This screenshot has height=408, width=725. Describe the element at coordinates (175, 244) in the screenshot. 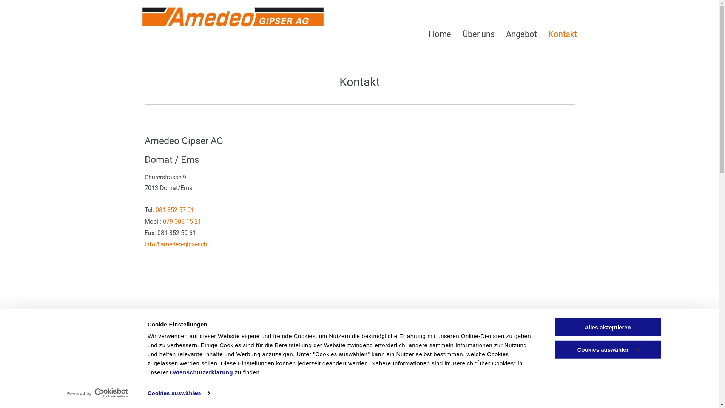

I see `'info@amedeo-gipser.ch'` at that location.